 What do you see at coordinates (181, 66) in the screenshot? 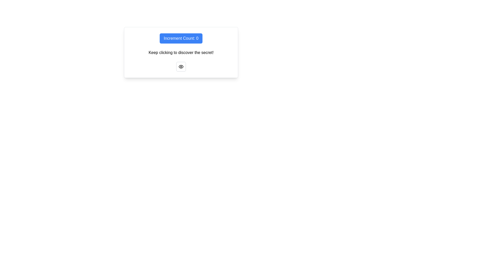
I see `the eye icon located at the bottom center of the card, which is distinctively recognizable as the only icon in that area` at bounding box center [181, 66].